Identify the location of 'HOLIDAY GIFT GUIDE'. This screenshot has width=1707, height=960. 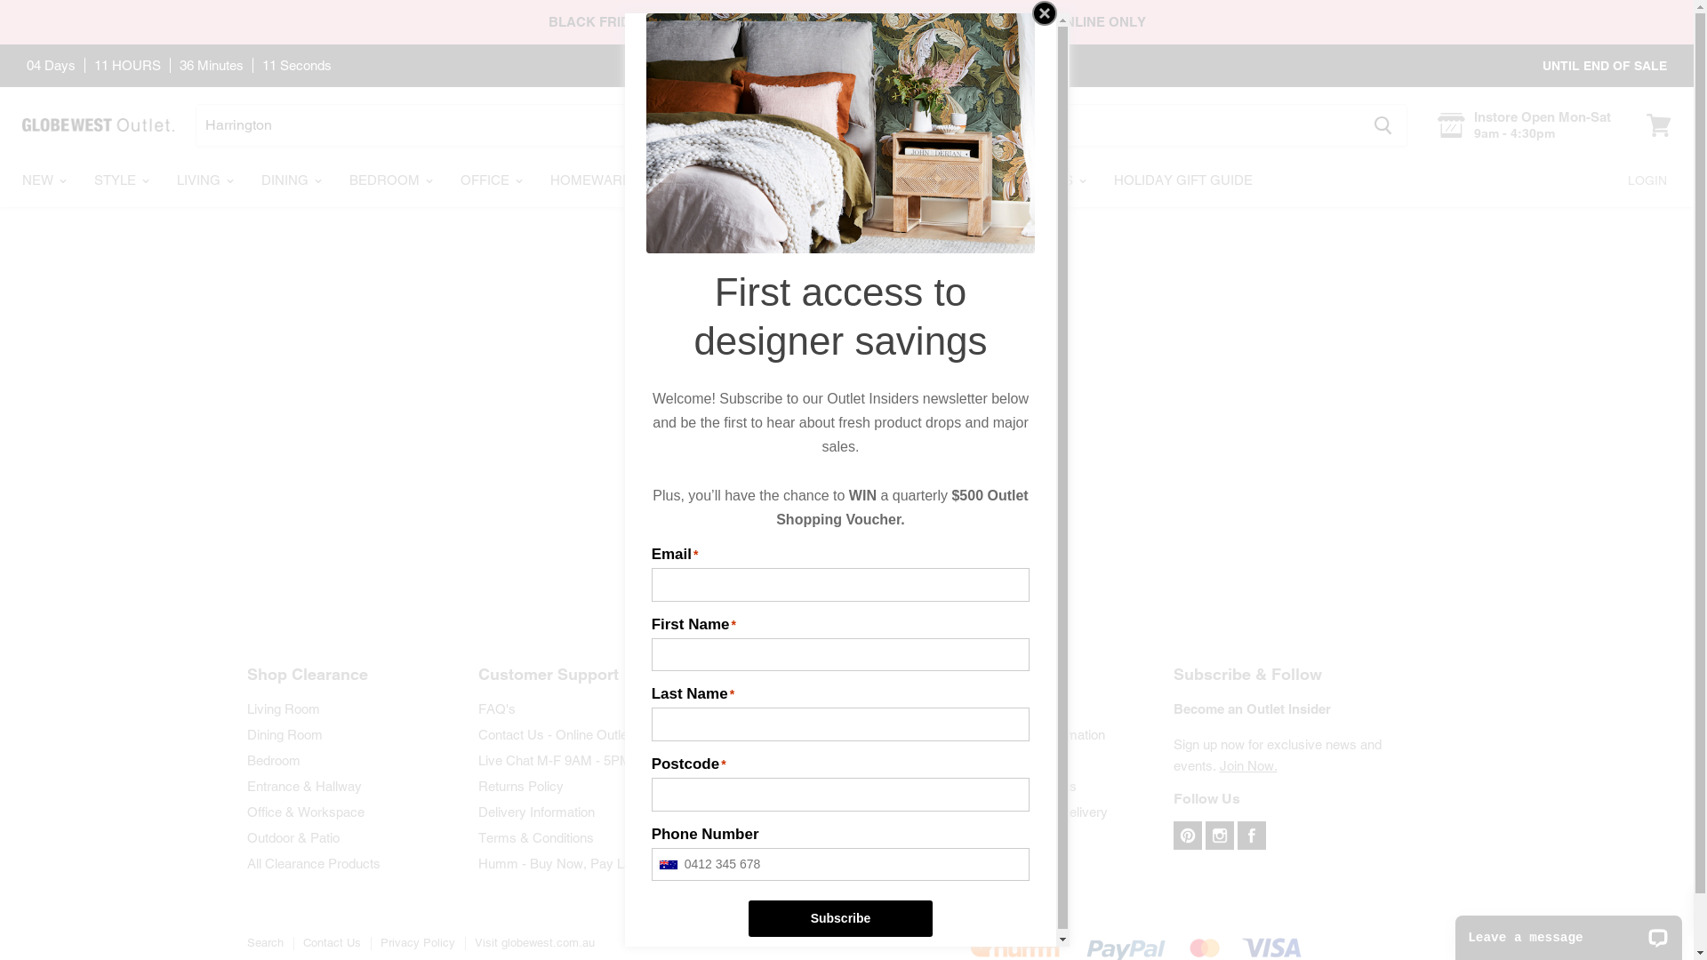
(1100, 180).